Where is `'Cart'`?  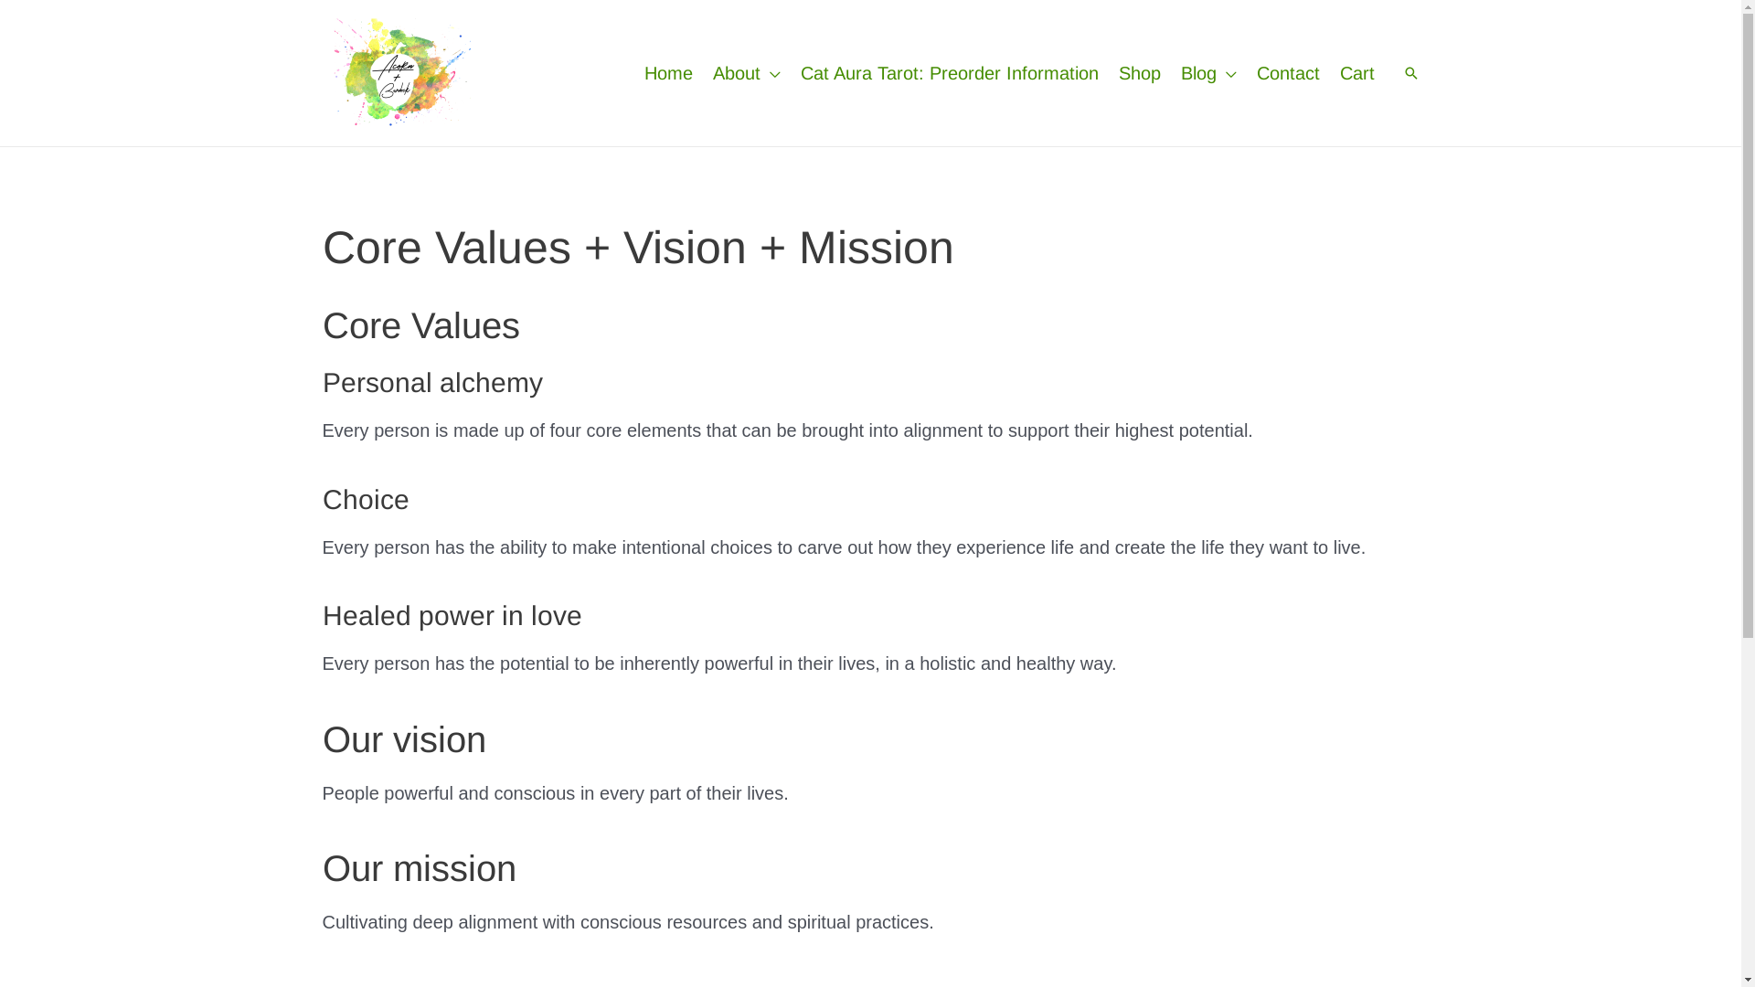 'Cart' is located at coordinates (1329, 72).